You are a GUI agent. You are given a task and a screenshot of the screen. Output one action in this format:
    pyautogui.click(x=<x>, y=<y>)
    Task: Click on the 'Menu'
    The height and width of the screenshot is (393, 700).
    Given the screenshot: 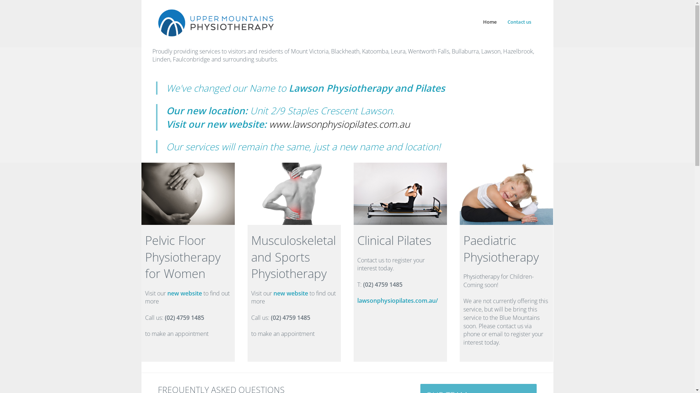 What is the action you would take?
    pyautogui.click(x=694, y=4)
    